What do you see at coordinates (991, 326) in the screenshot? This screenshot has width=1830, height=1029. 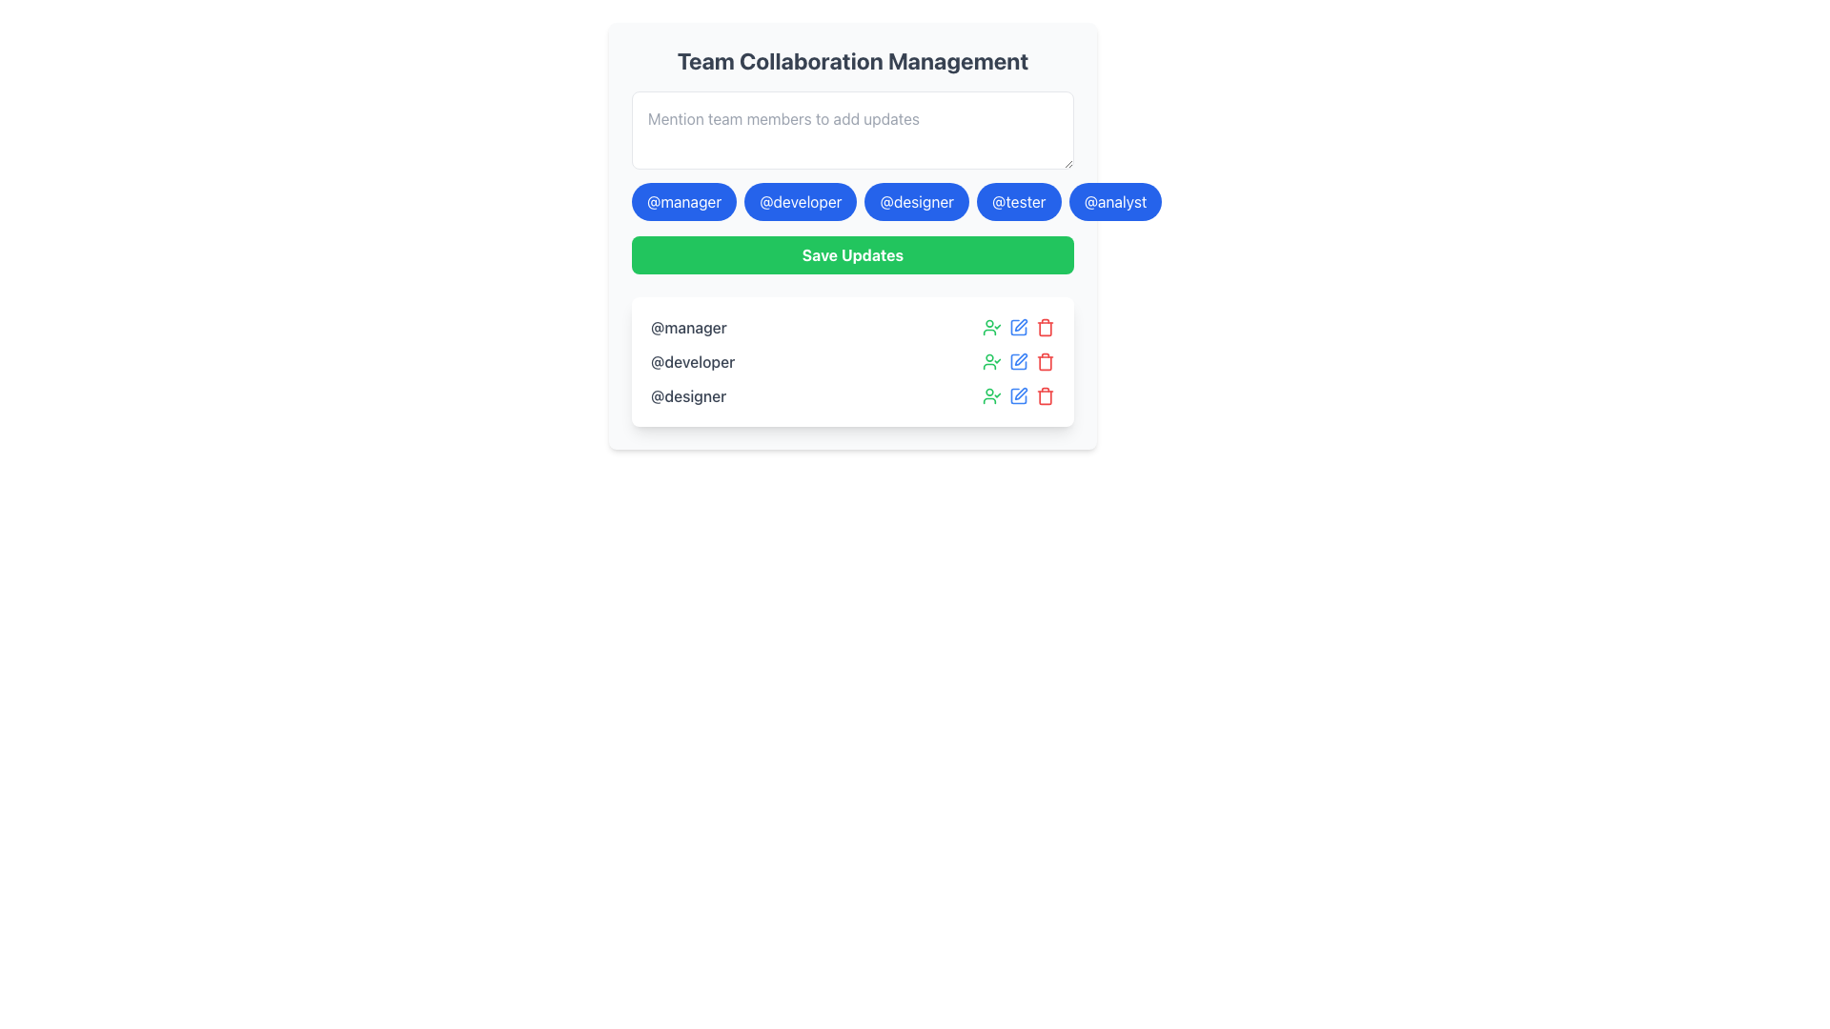 I see `the leftmost confirmation icon associated with '@manager'` at bounding box center [991, 326].